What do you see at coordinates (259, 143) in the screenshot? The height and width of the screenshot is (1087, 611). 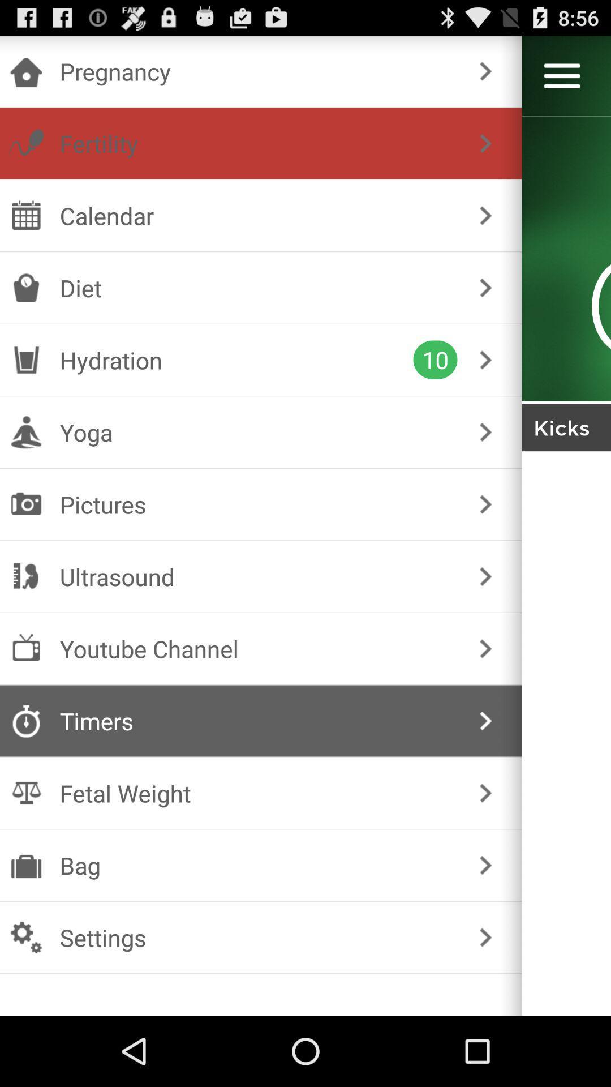 I see `item above the calendar` at bounding box center [259, 143].